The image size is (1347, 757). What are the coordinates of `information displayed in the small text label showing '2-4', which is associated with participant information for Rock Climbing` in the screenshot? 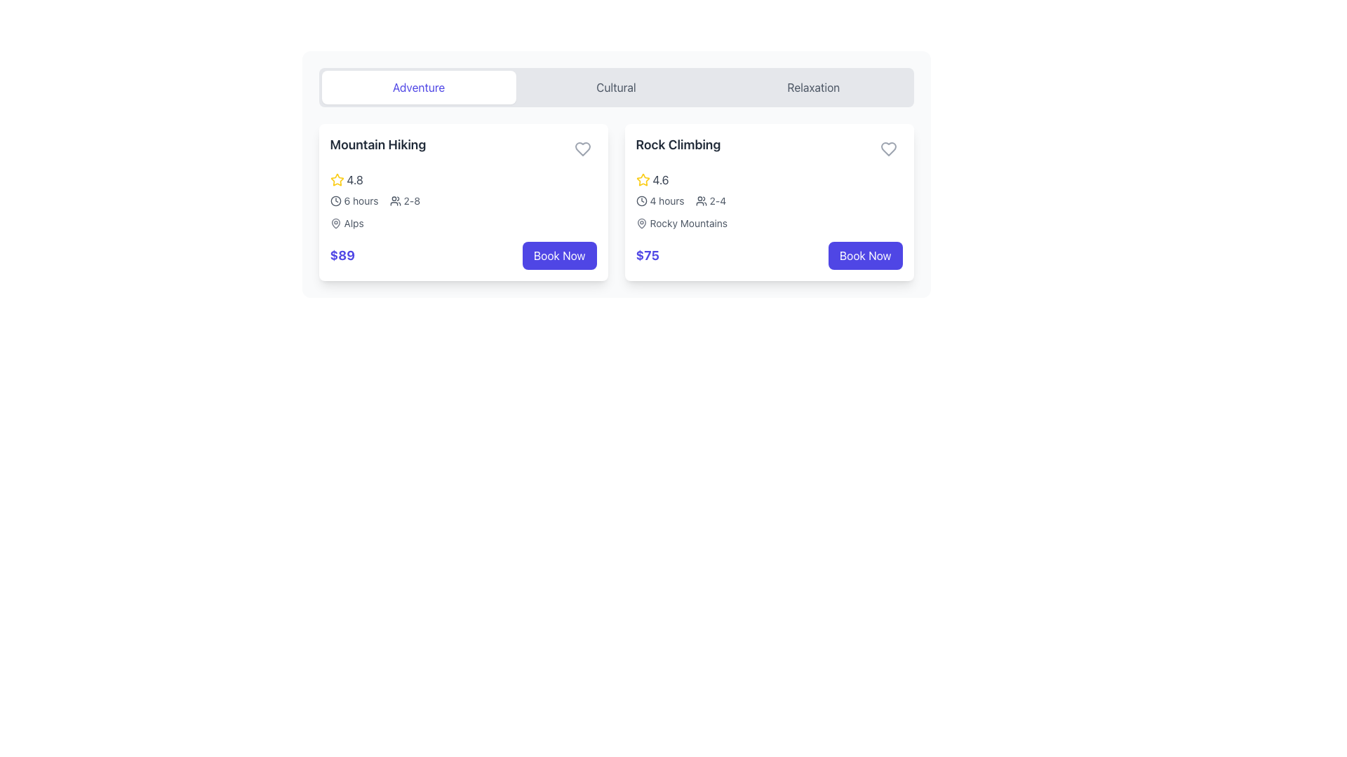 It's located at (718, 200).